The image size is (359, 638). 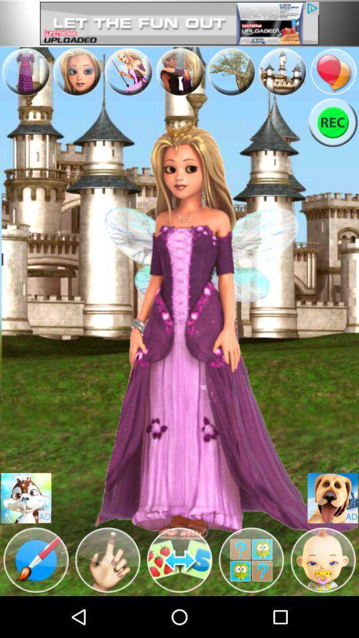 What do you see at coordinates (36, 559) in the screenshot?
I see `stencil` at bounding box center [36, 559].